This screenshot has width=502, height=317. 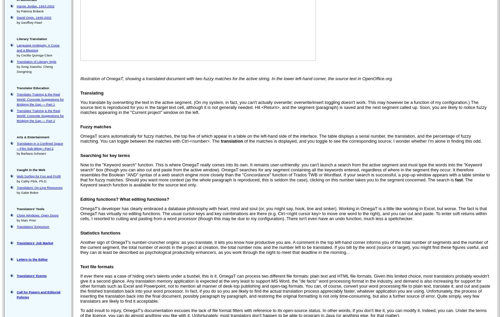 What do you see at coordinates (31, 181) in the screenshot?
I see `'by Cathy Flick, Ph.D.'` at bounding box center [31, 181].